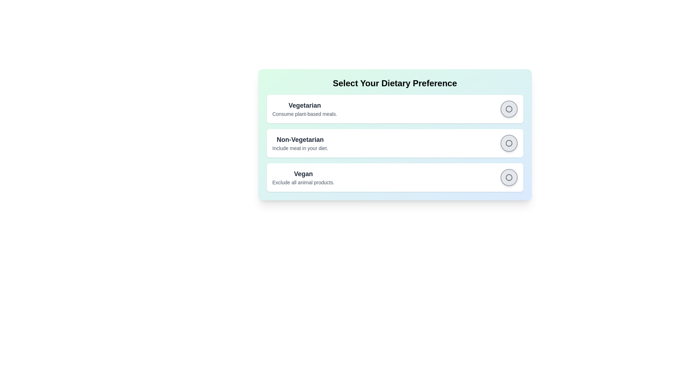 The image size is (684, 385). Describe the element at coordinates (508, 109) in the screenshot. I see `the circular graphic element with a hollow center and thin gray border located to the right of the 'Vegetarian' preference option` at that location.